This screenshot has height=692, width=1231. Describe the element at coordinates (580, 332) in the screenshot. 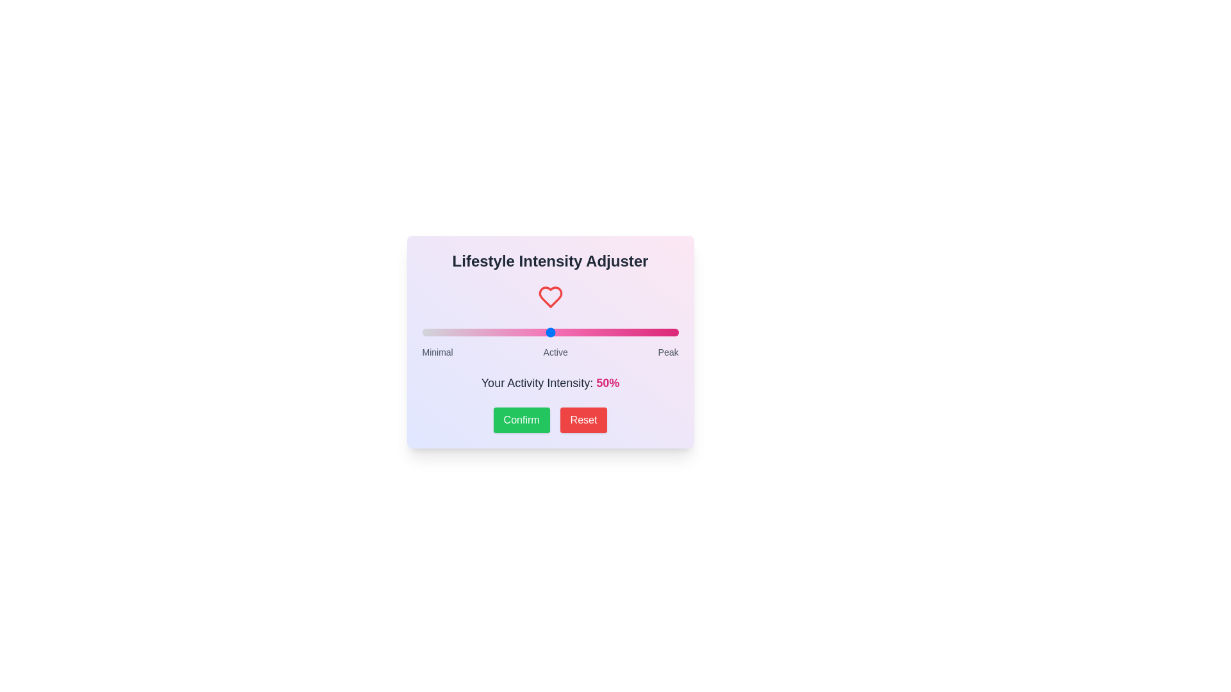

I see `the slider to set the intensity to 62%` at that location.